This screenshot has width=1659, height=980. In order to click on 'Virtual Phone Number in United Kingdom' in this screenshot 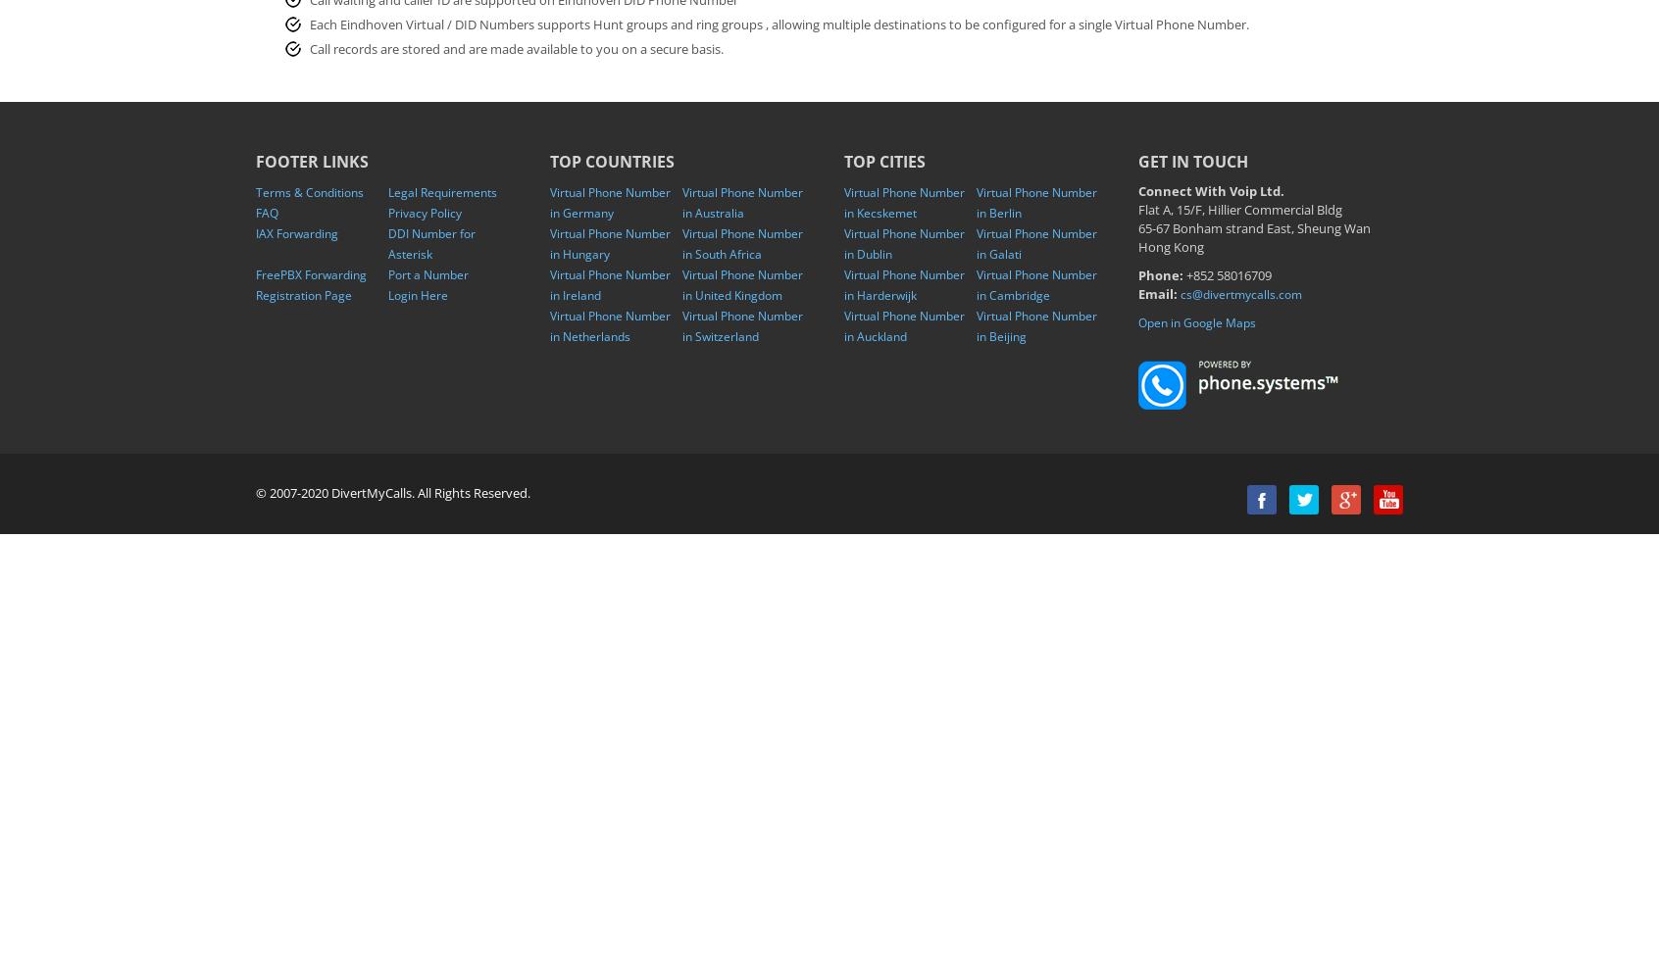, I will do `click(741, 285)`.